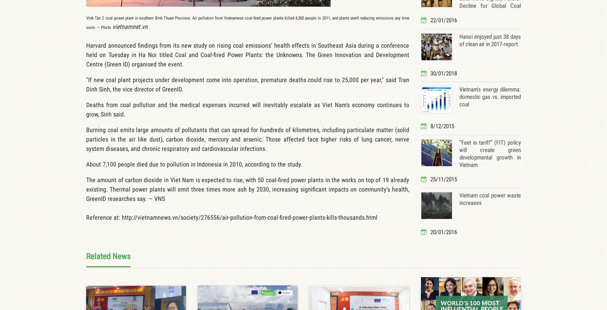  What do you see at coordinates (443, 72) in the screenshot?
I see `'30/01/2018'` at bounding box center [443, 72].